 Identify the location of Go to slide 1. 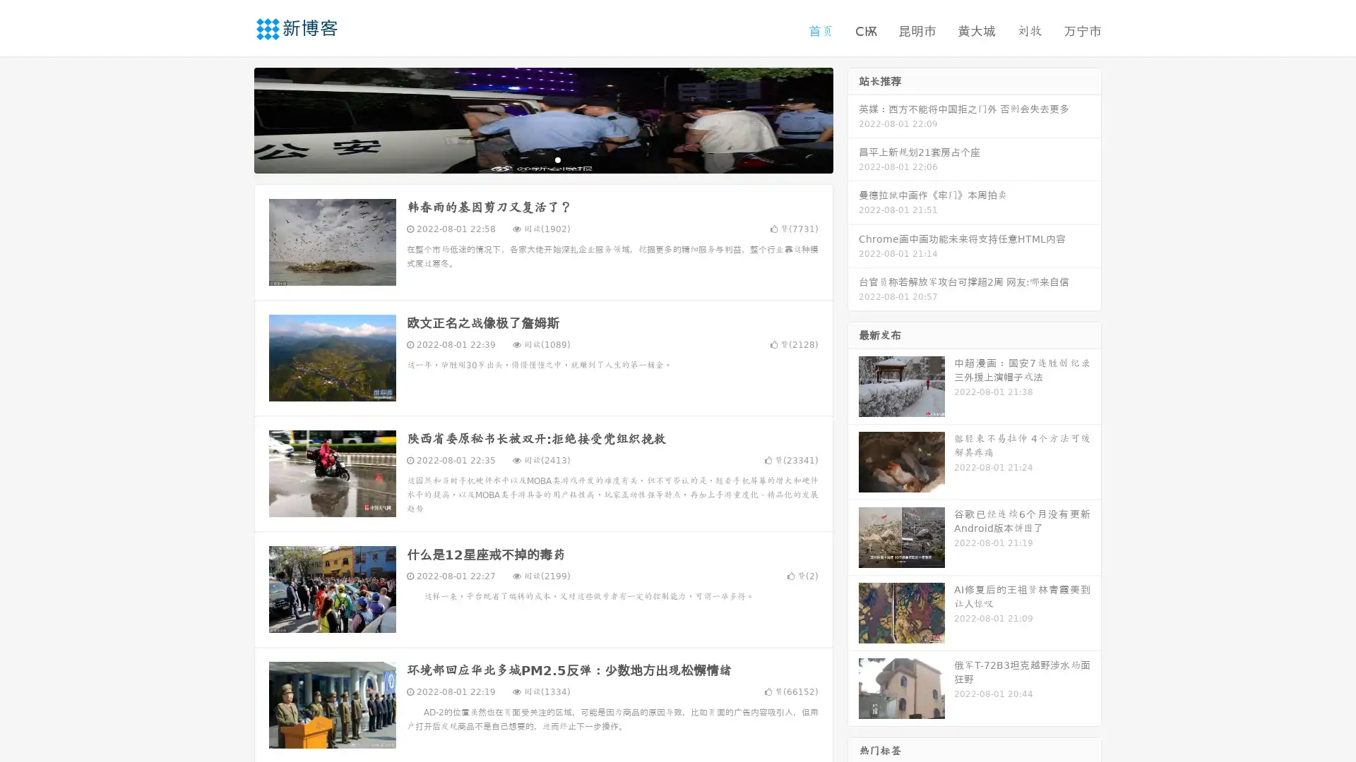
(528, 159).